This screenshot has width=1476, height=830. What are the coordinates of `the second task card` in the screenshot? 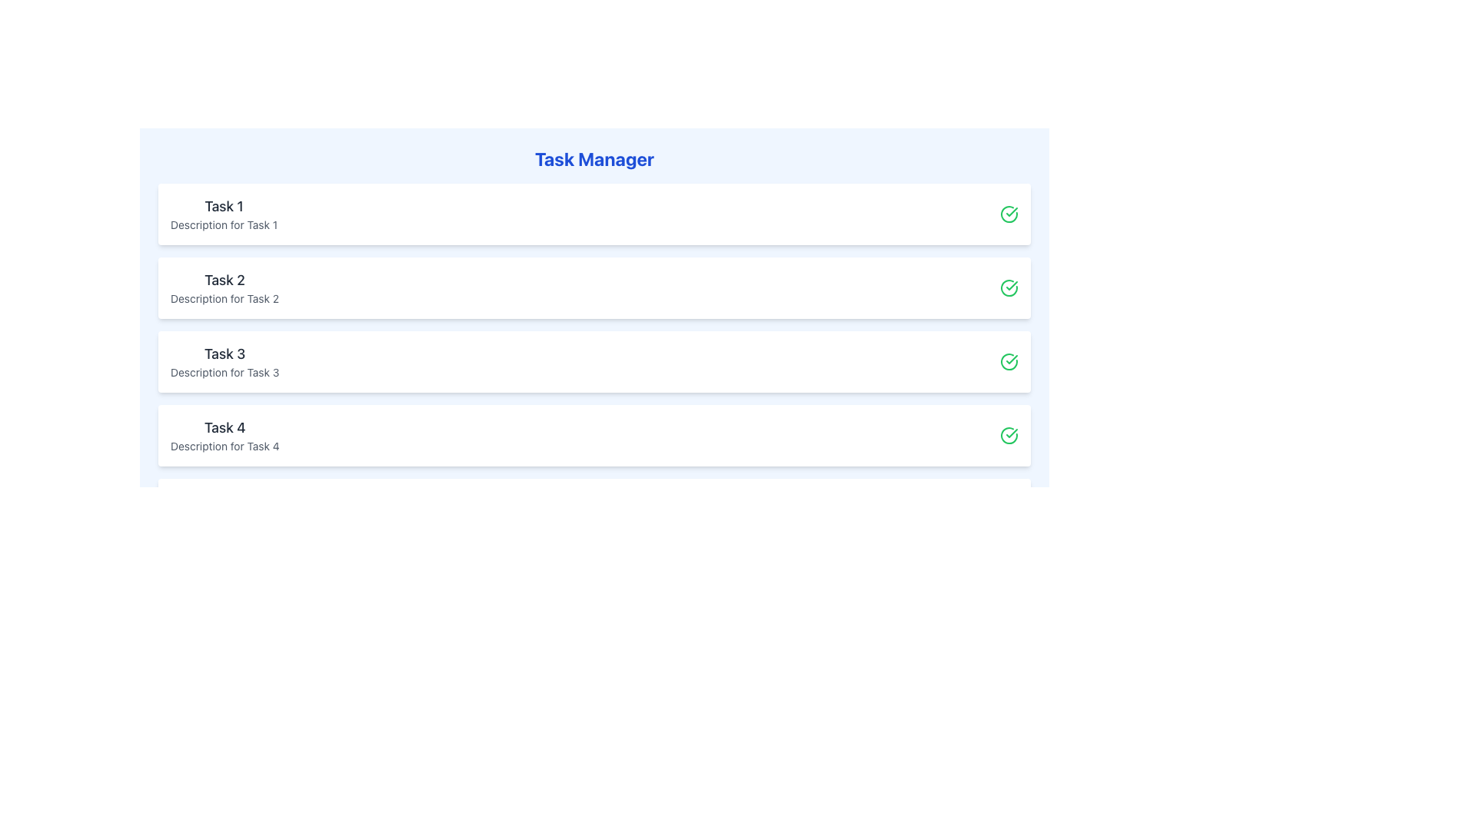 It's located at (593, 287).